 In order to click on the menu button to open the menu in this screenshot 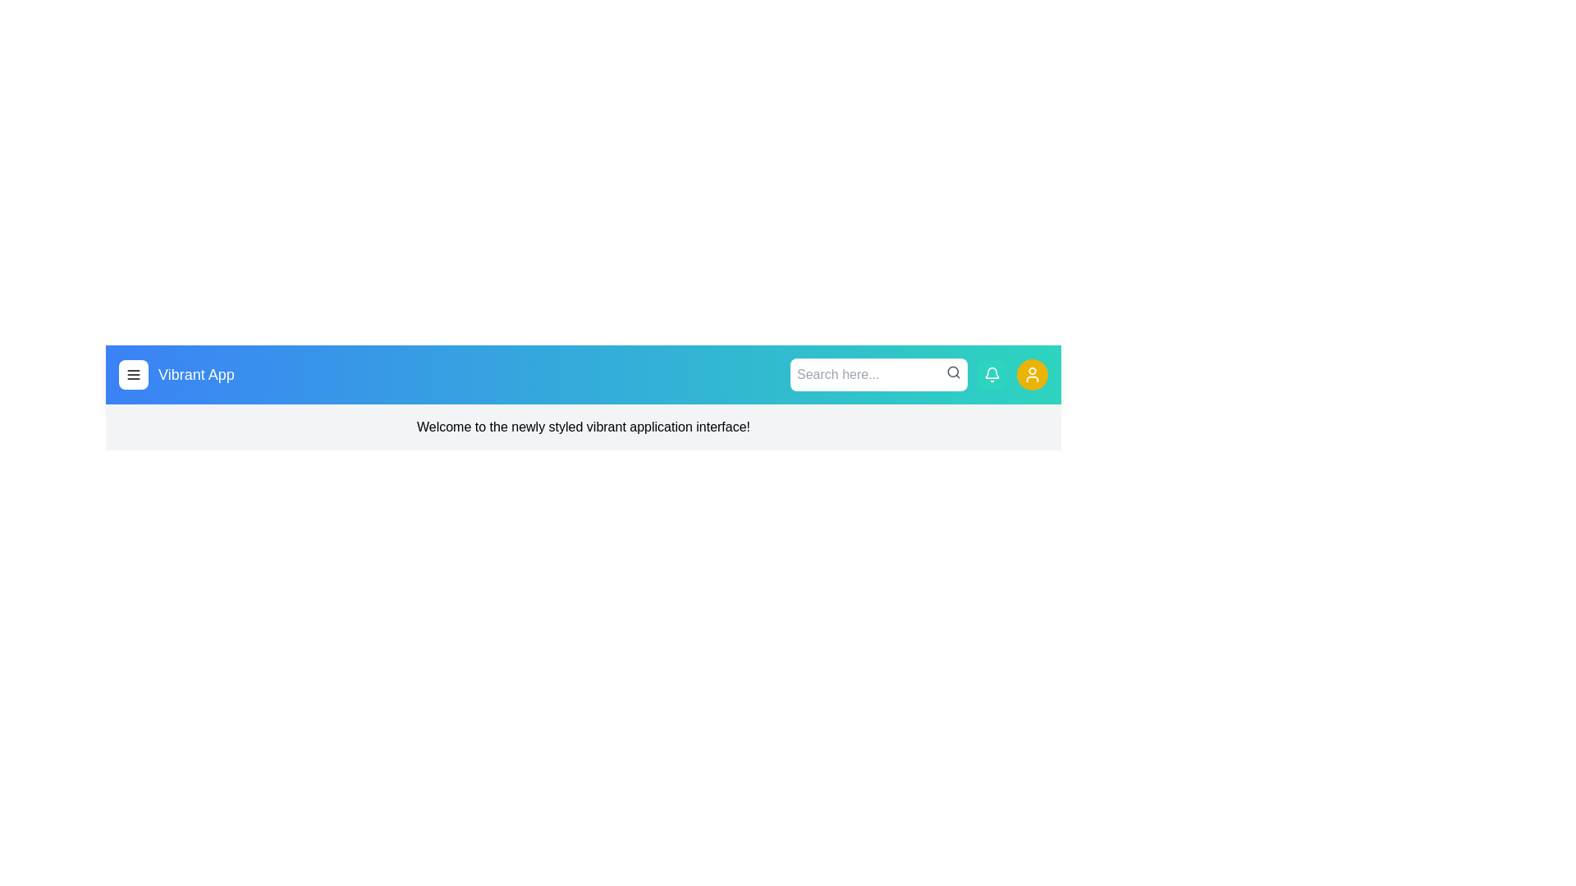, I will do `click(134, 374)`.